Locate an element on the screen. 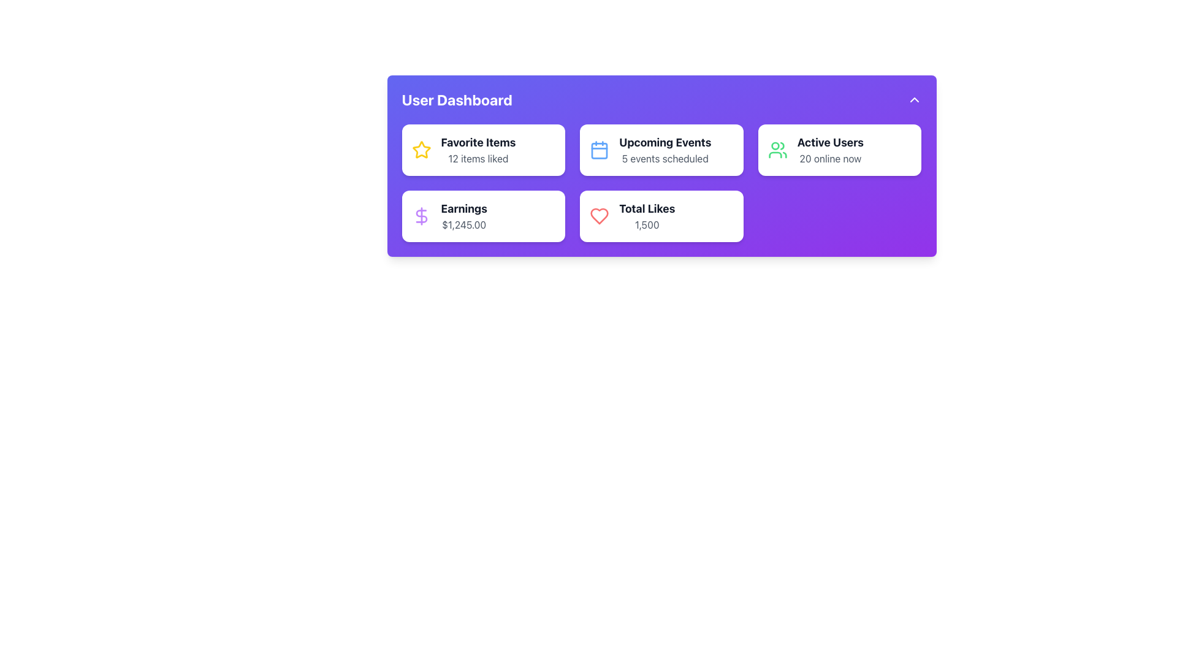  the icon representing active users located in the 'Active Users' card, positioned to the left of the text 'Active Users' and '20 online now' is located at coordinates (777, 150).